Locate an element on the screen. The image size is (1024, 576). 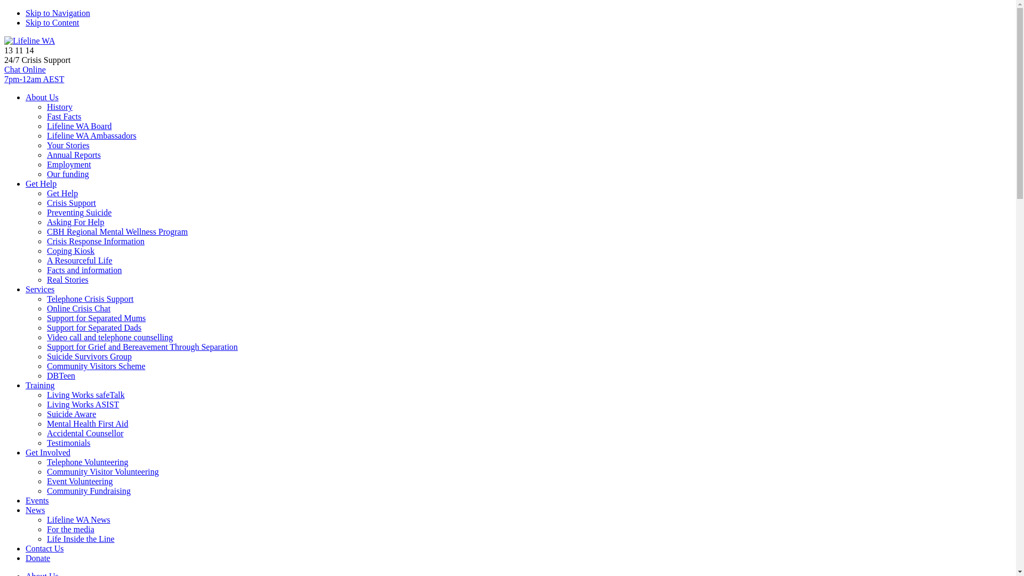
'A Resourceful Life' is located at coordinates (79, 260).